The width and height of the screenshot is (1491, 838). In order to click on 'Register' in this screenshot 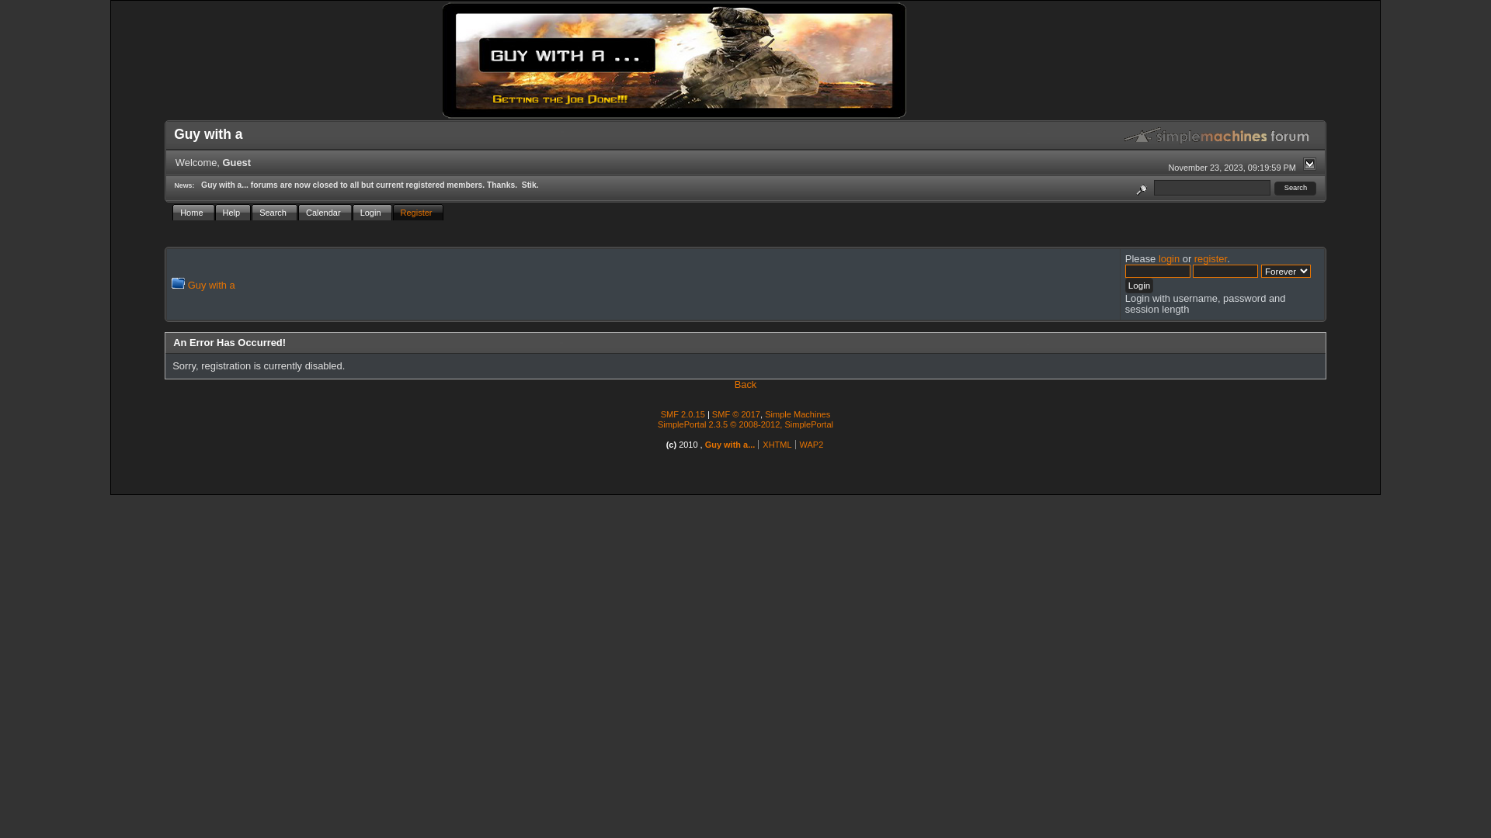, I will do `click(418, 212)`.